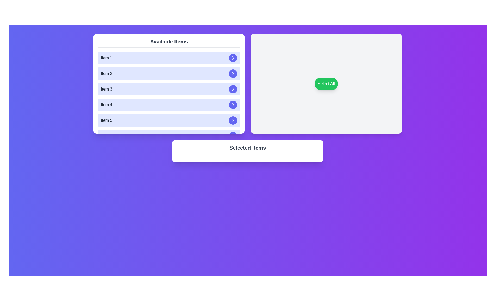  Describe the element at coordinates (233, 120) in the screenshot. I see `the circular button with a purple background and a white chevron arrow located at the right end of the 'Item 5' entry row in the 'Available Items' list to receive potential visual feedback` at that location.